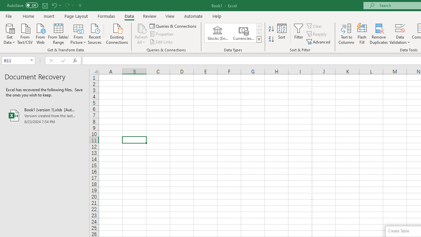 The height and width of the screenshot is (237, 421). Describe the element at coordinates (170, 16) in the screenshot. I see `'View'` at that location.